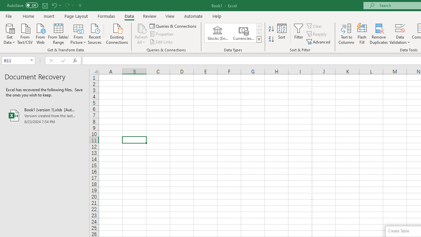 The height and width of the screenshot is (237, 421). Describe the element at coordinates (170, 16) in the screenshot. I see `'View'` at that location.